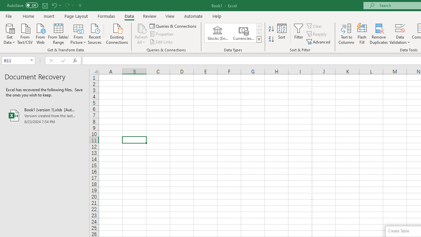 The height and width of the screenshot is (237, 421). Describe the element at coordinates (170, 16) in the screenshot. I see `'View'` at that location.